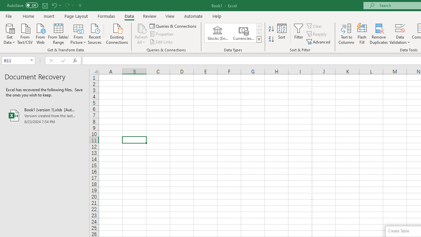 The height and width of the screenshot is (237, 421). Describe the element at coordinates (170, 16) in the screenshot. I see `'View'` at that location.